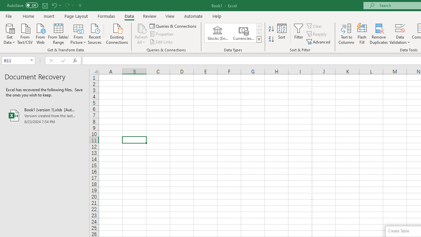 The height and width of the screenshot is (237, 421). Describe the element at coordinates (170, 16) in the screenshot. I see `'View'` at that location.